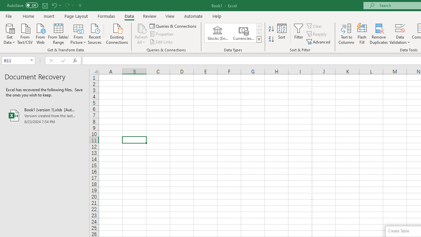 The height and width of the screenshot is (237, 421). Describe the element at coordinates (170, 16) in the screenshot. I see `'View'` at that location.